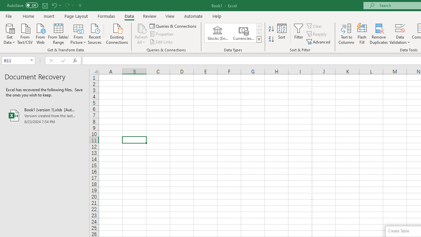 The height and width of the screenshot is (237, 421). Describe the element at coordinates (170, 16) in the screenshot. I see `'View'` at that location.